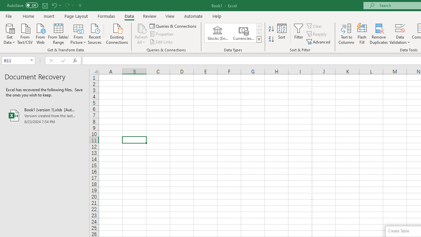 The height and width of the screenshot is (237, 421). Describe the element at coordinates (170, 16) in the screenshot. I see `'View'` at that location.